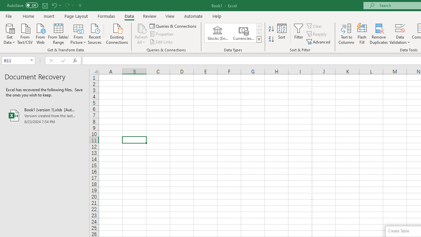 The height and width of the screenshot is (237, 421). Describe the element at coordinates (170, 16) in the screenshot. I see `'View'` at that location.